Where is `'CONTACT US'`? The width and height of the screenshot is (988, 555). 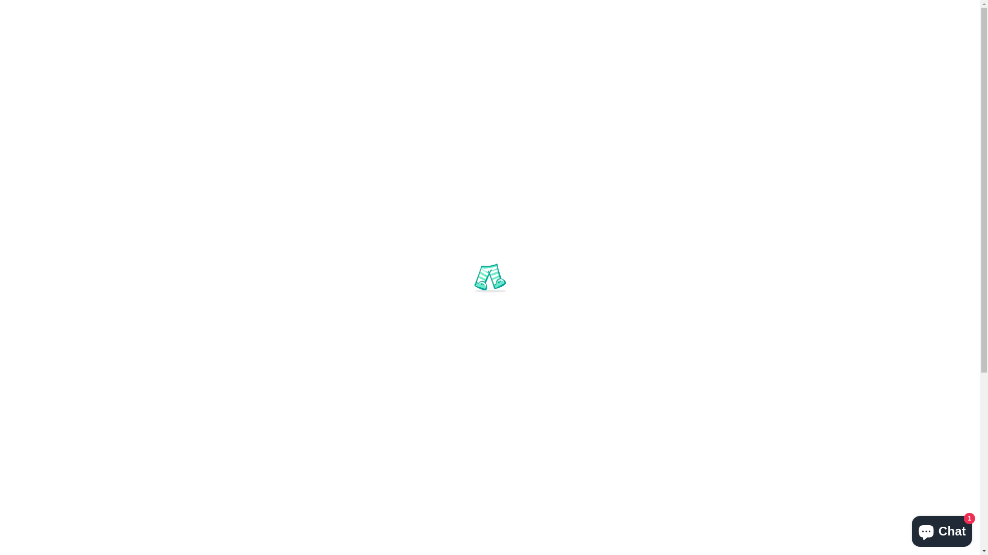
'CONTACT US' is located at coordinates (592, 142).